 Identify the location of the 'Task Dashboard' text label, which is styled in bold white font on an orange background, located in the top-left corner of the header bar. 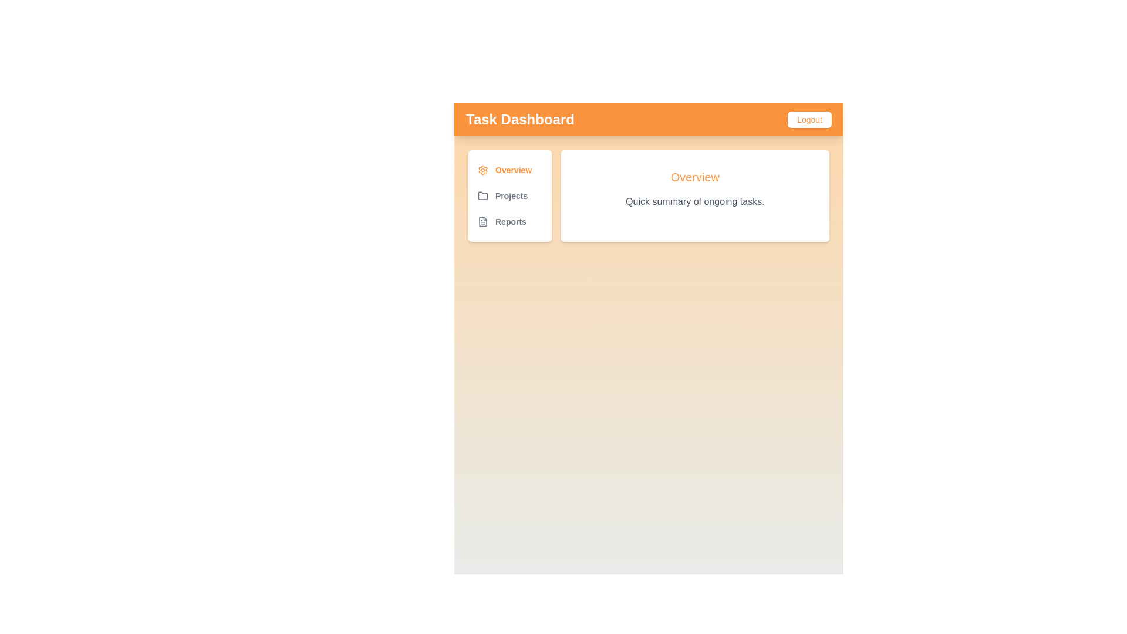
(519, 120).